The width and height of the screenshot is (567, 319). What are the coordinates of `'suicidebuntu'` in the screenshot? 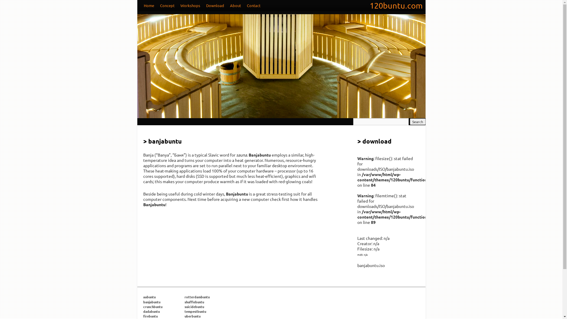 It's located at (194, 306).